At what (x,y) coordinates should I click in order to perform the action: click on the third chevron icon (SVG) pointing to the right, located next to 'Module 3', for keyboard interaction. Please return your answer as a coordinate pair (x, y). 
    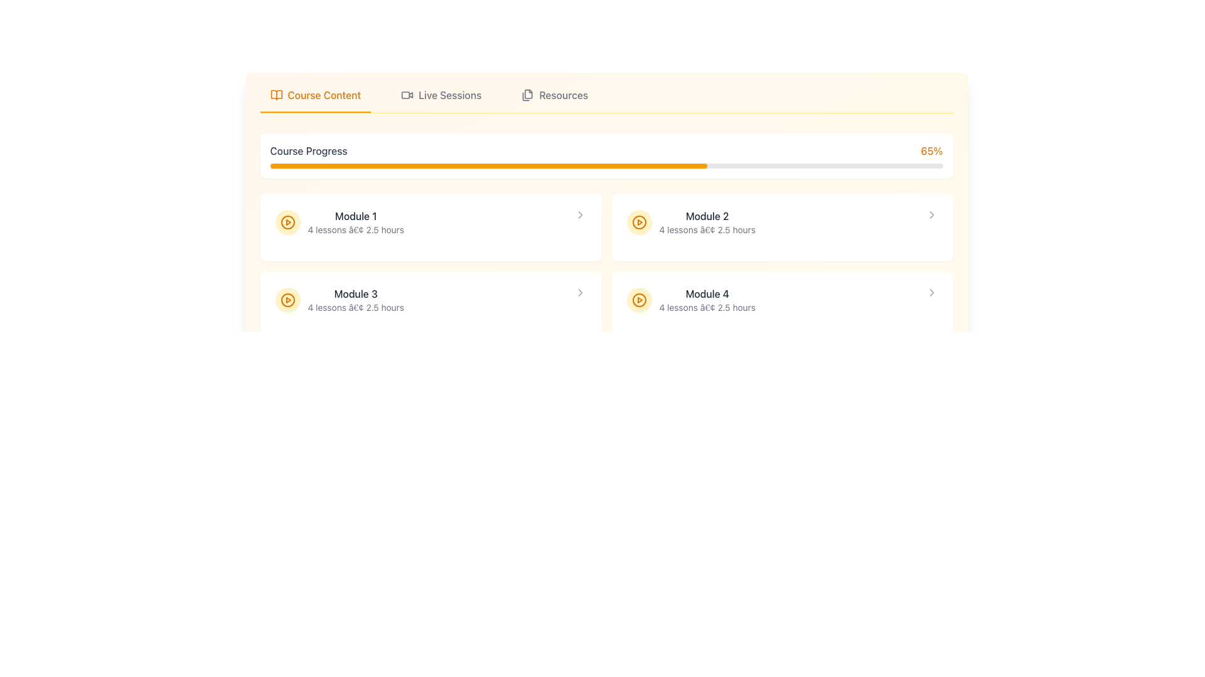
    Looking at the image, I should click on (579, 292).